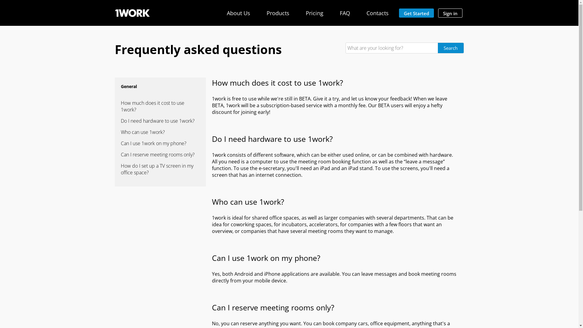 The width and height of the screenshot is (583, 328). Describe the element at coordinates (278, 13) in the screenshot. I see `'Products'` at that location.